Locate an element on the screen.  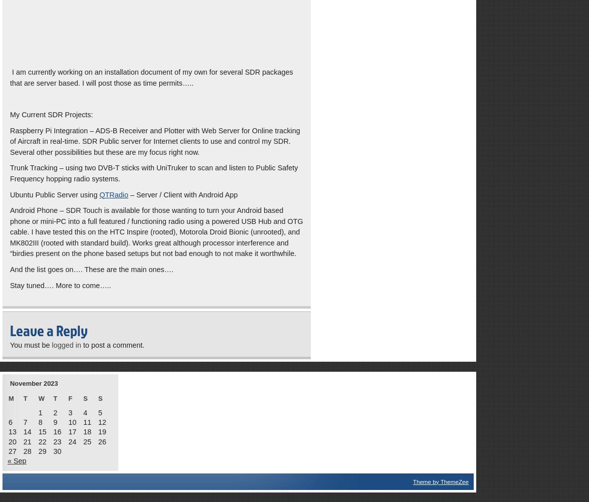
'28' is located at coordinates (27, 450).